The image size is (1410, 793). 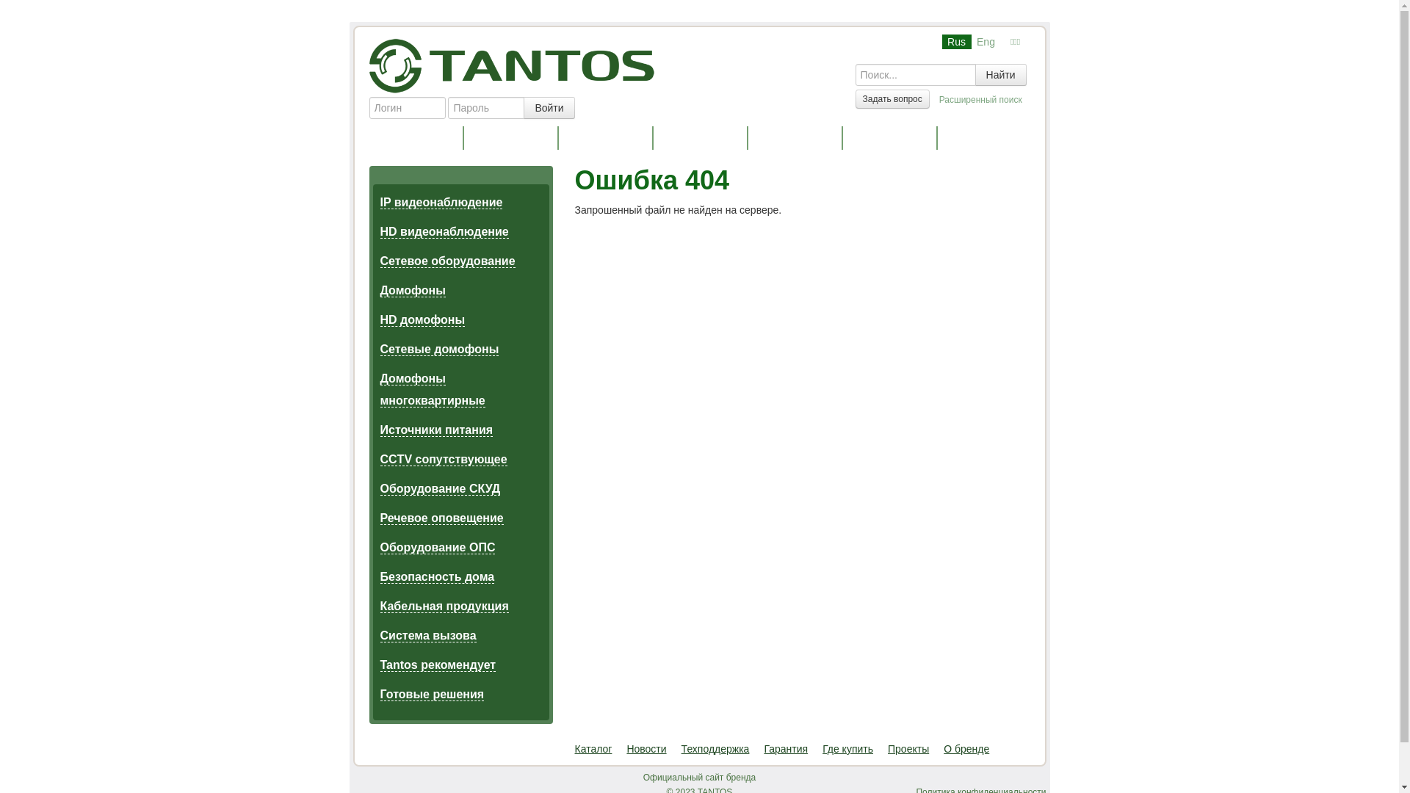 What do you see at coordinates (976, 41) in the screenshot?
I see `'Eng'` at bounding box center [976, 41].